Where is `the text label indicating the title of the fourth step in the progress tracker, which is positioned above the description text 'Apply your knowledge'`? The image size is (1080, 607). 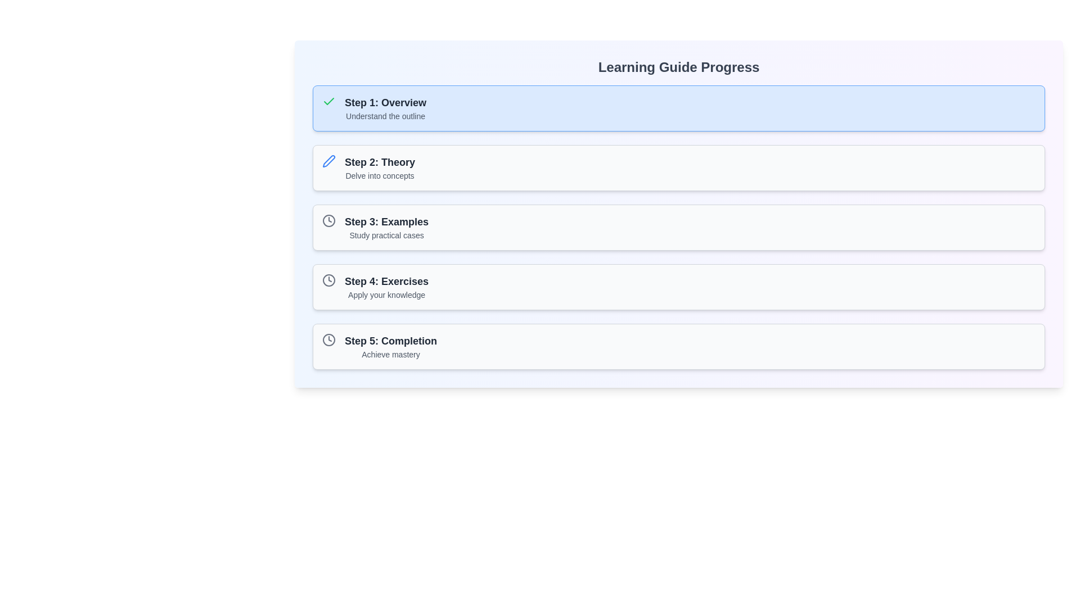 the text label indicating the title of the fourth step in the progress tracker, which is positioned above the description text 'Apply your knowledge' is located at coordinates (386, 281).